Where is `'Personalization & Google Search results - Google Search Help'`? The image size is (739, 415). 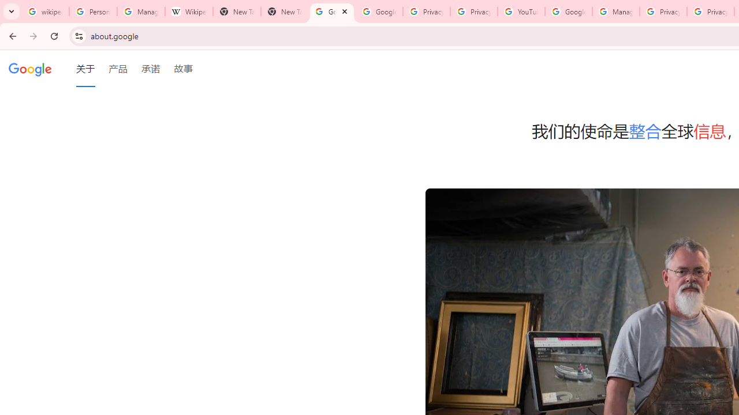 'Personalization & Google Search results - Google Search Help' is located at coordinates (93, 12).